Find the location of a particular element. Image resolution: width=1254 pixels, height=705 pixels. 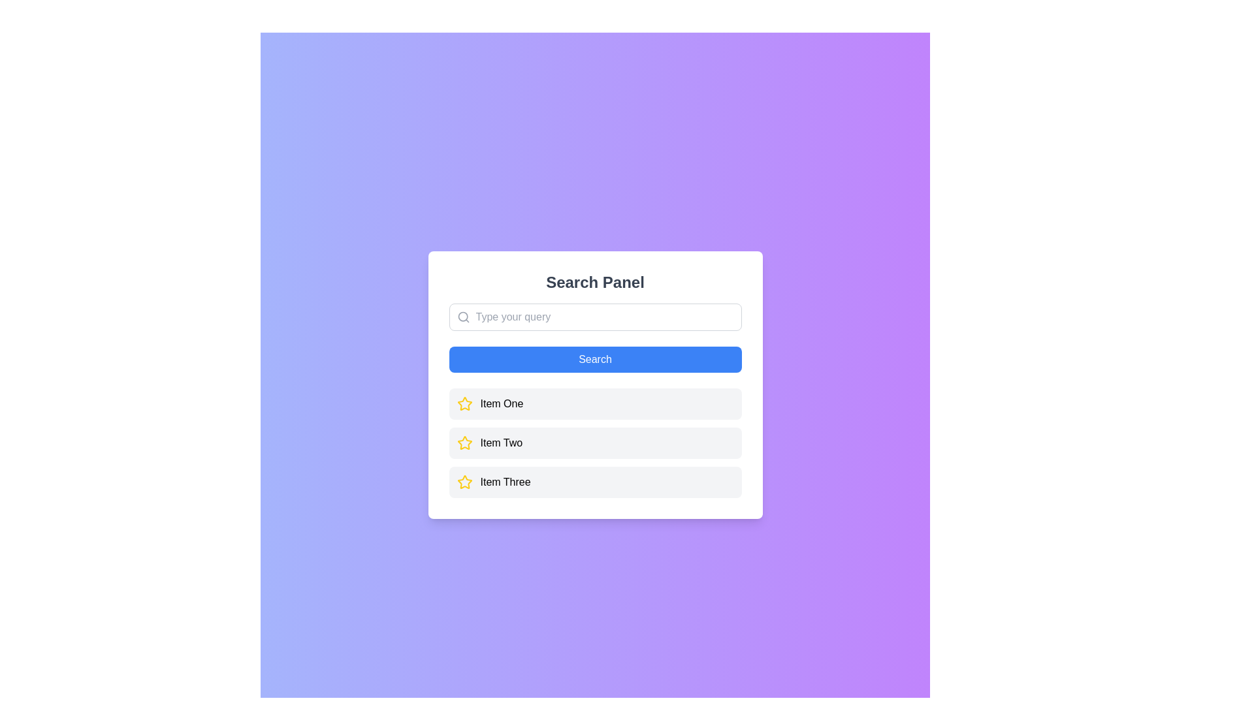

the search icon located in the left section of the search bar at the top of the modal interface, which indicates the search functionality is located at coordinates (463, 317).